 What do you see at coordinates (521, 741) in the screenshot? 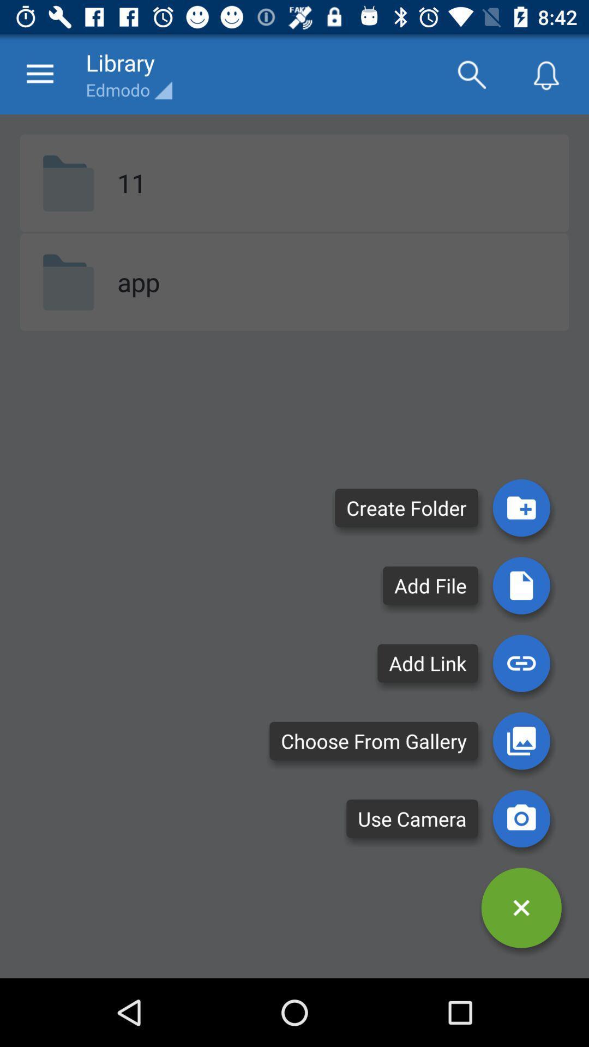
I see `gallery` at bounding box center [521, 741].